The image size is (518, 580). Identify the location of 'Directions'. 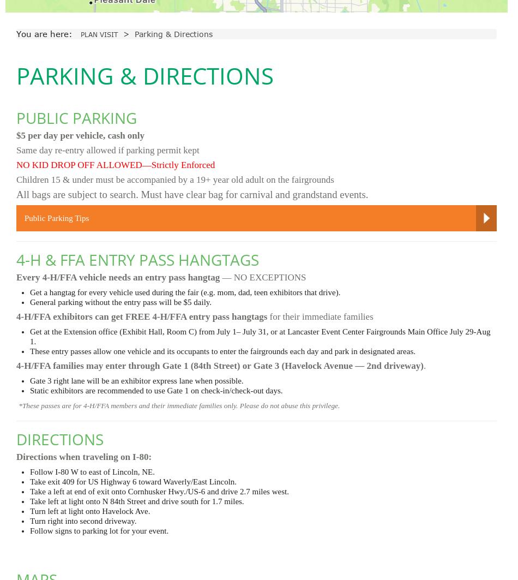
(60, 439).